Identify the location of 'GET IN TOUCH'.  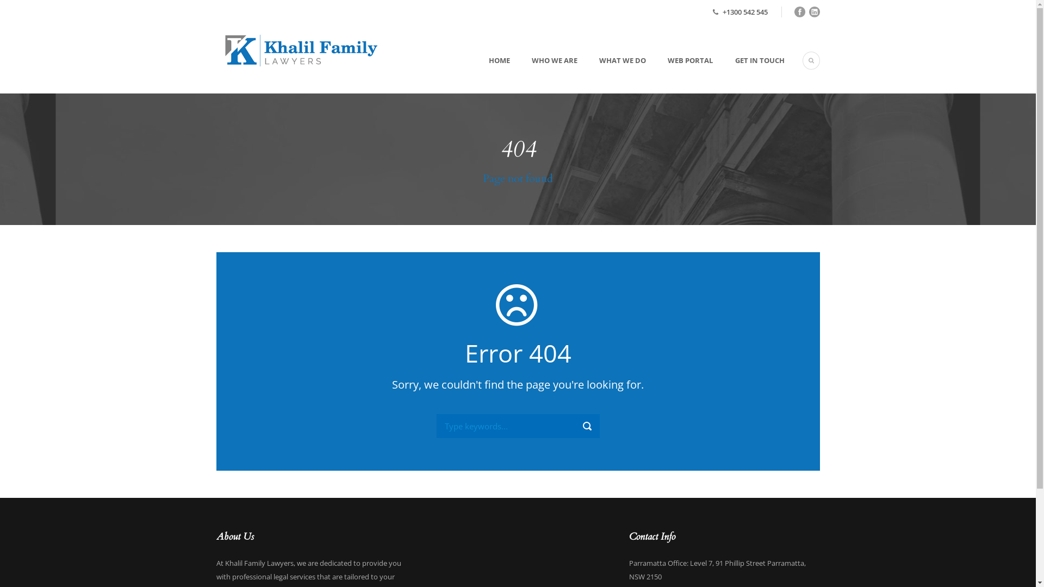
(748, 73).